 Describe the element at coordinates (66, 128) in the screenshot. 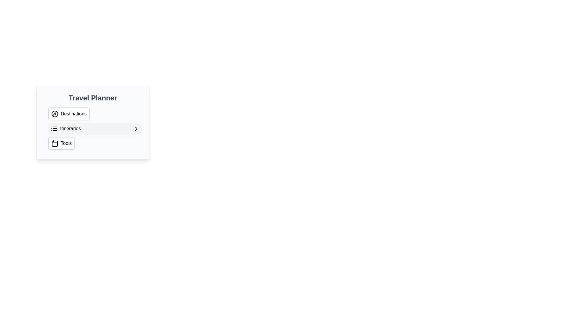

I see `the 'Itineraries' label in the vertical menu` at that location.